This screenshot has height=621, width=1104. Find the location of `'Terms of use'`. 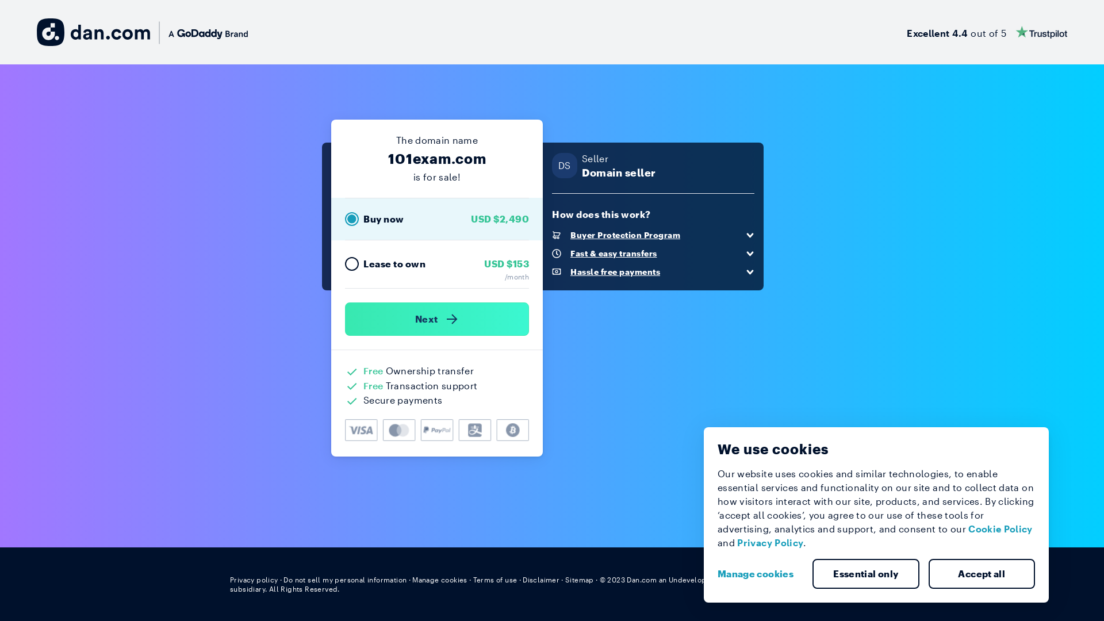

'Terms of use' is located at coordinates (495, 579).